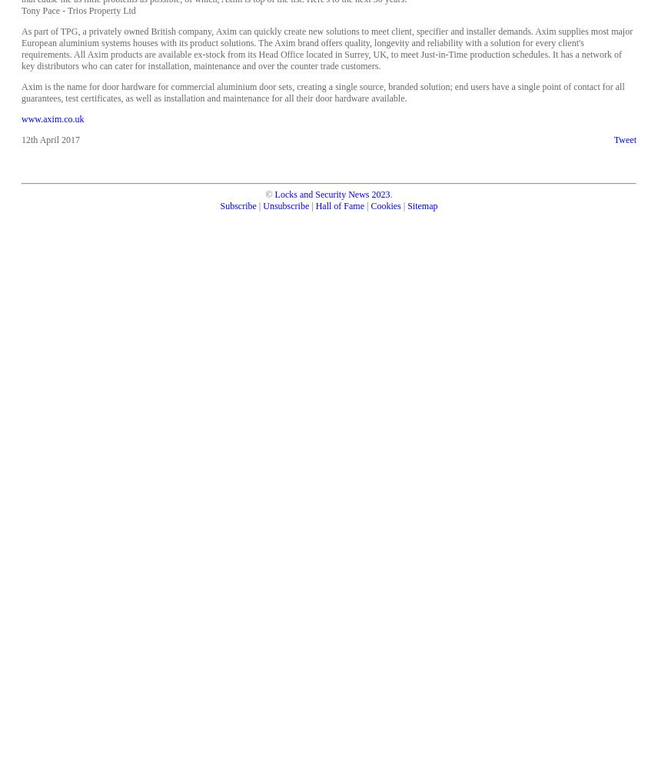 This screenshot has width=658, height=769. What do you see at coordinates (322, 92) in the screenshot?
I see `'Axim is the name for door hardware for commercial aluminium door sets, creating a single source, branded solution; end users have a single point of contact for all guarantees, test certificates, as well as installation and maintenance for all their door hardware available.'` at bounding box center [322, 92].